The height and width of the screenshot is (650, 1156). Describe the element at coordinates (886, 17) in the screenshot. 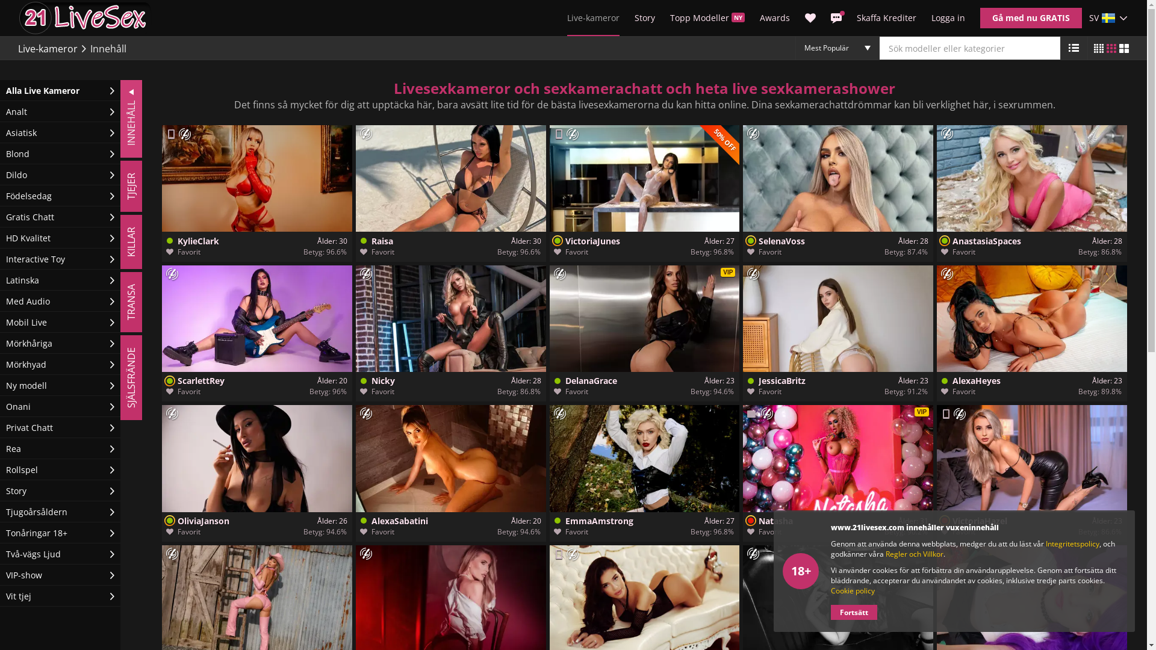

I see `'Skaffa Krediter'` at that location.